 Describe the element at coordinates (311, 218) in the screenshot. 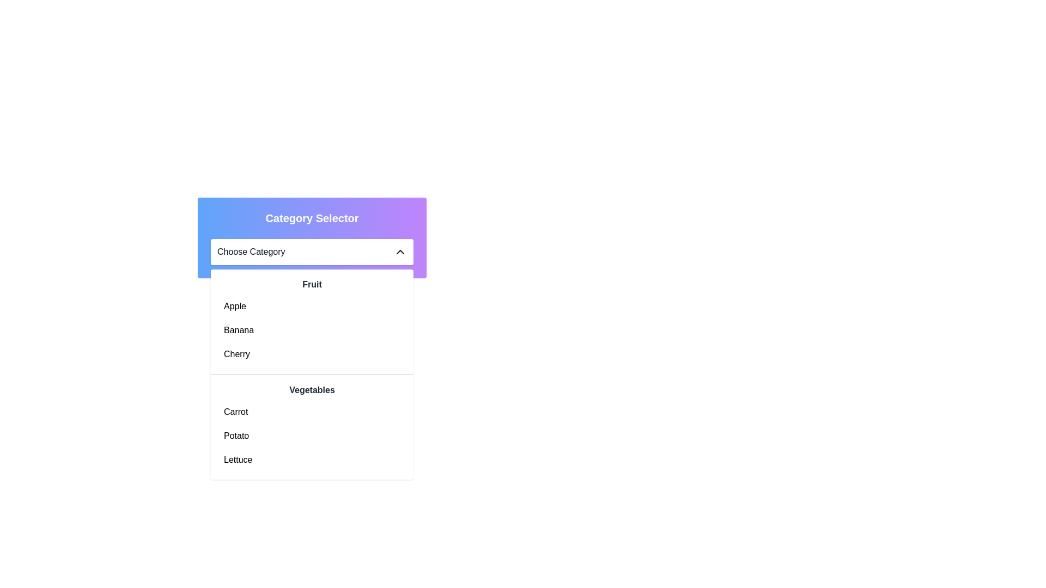

I see `the bold text label 'Category Selector' that is centered at the top of a gradient background transitioning from blue to purple` at that location.